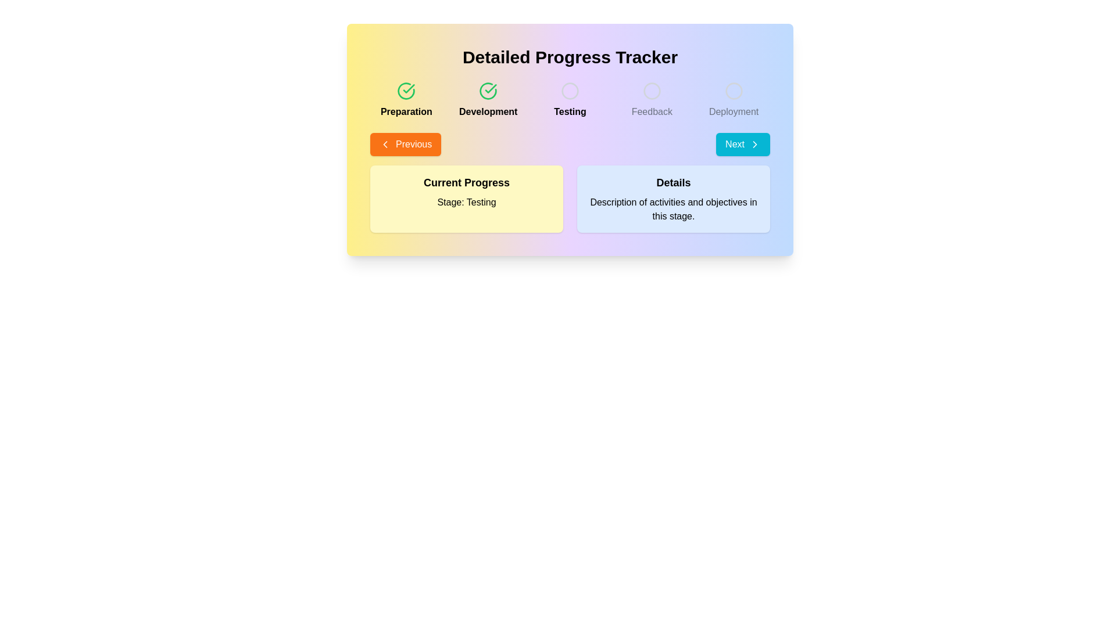 The width and height of the screenshot is (1116, 627). I want to click on the backward navigation icon located inside the 'Previous' button in the top-left area of the interface, so click(385, 144).